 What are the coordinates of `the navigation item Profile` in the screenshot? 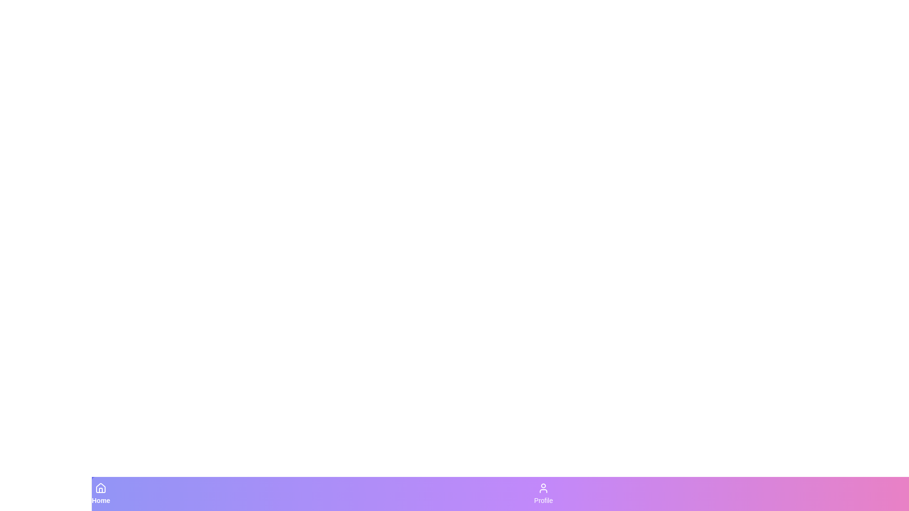 It's located at (543, 493).